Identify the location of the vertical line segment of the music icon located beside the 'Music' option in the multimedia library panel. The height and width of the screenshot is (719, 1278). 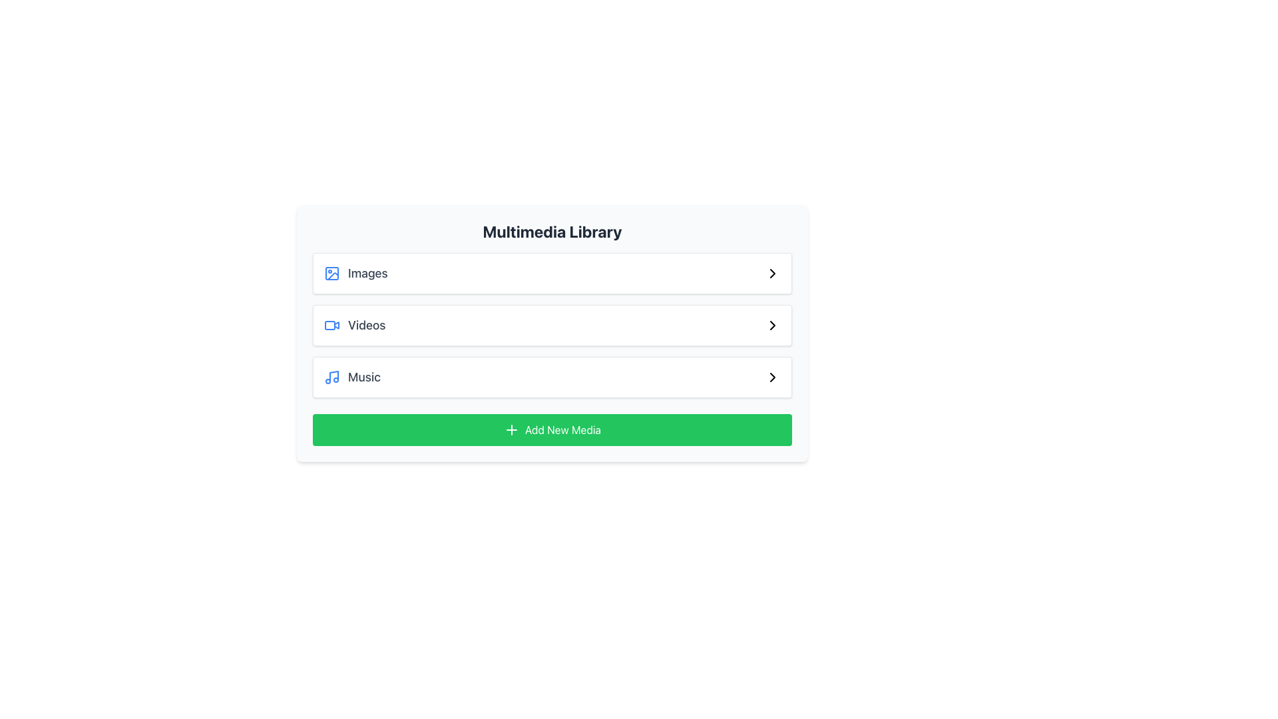
(334, 375).